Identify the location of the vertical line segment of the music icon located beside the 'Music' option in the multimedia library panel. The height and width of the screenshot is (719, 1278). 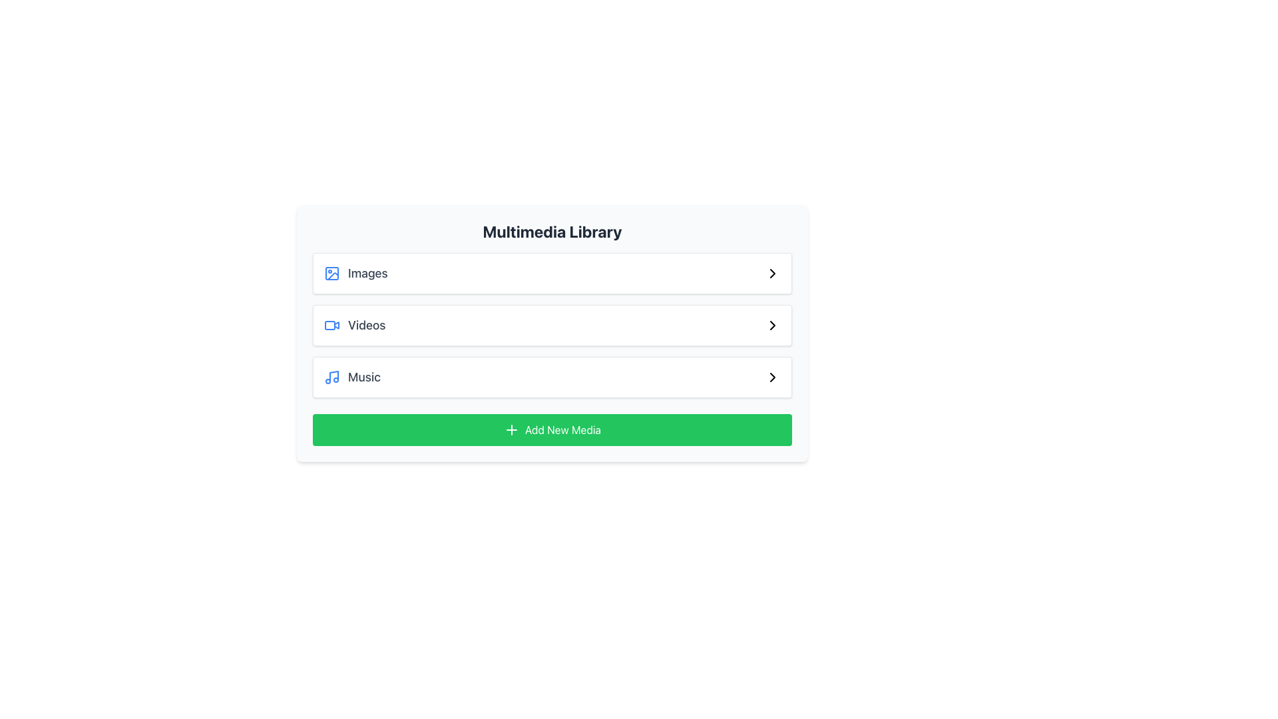
(334, 375).